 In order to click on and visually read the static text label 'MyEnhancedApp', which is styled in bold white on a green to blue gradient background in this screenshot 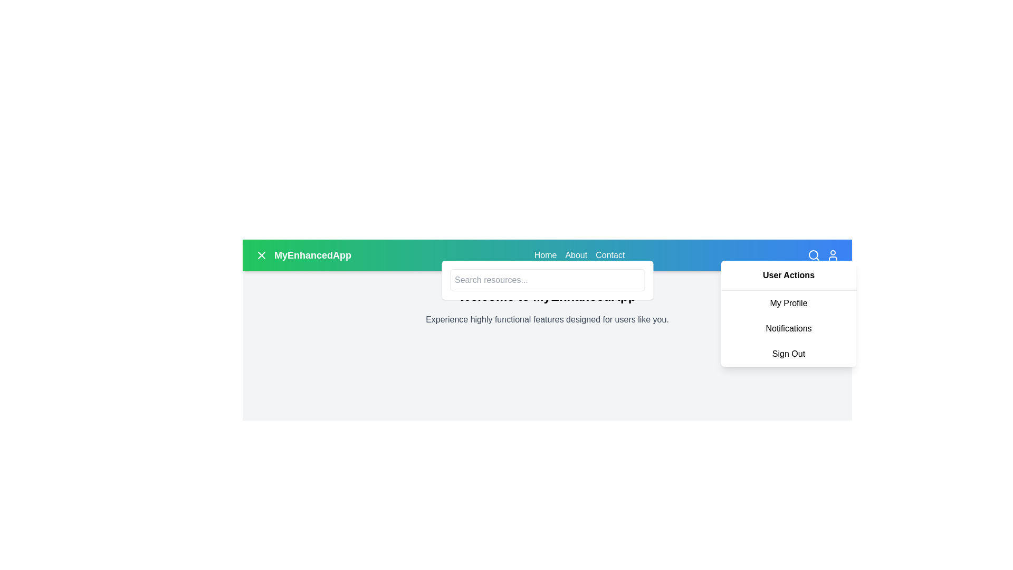, I will do `click(303, 255)`.